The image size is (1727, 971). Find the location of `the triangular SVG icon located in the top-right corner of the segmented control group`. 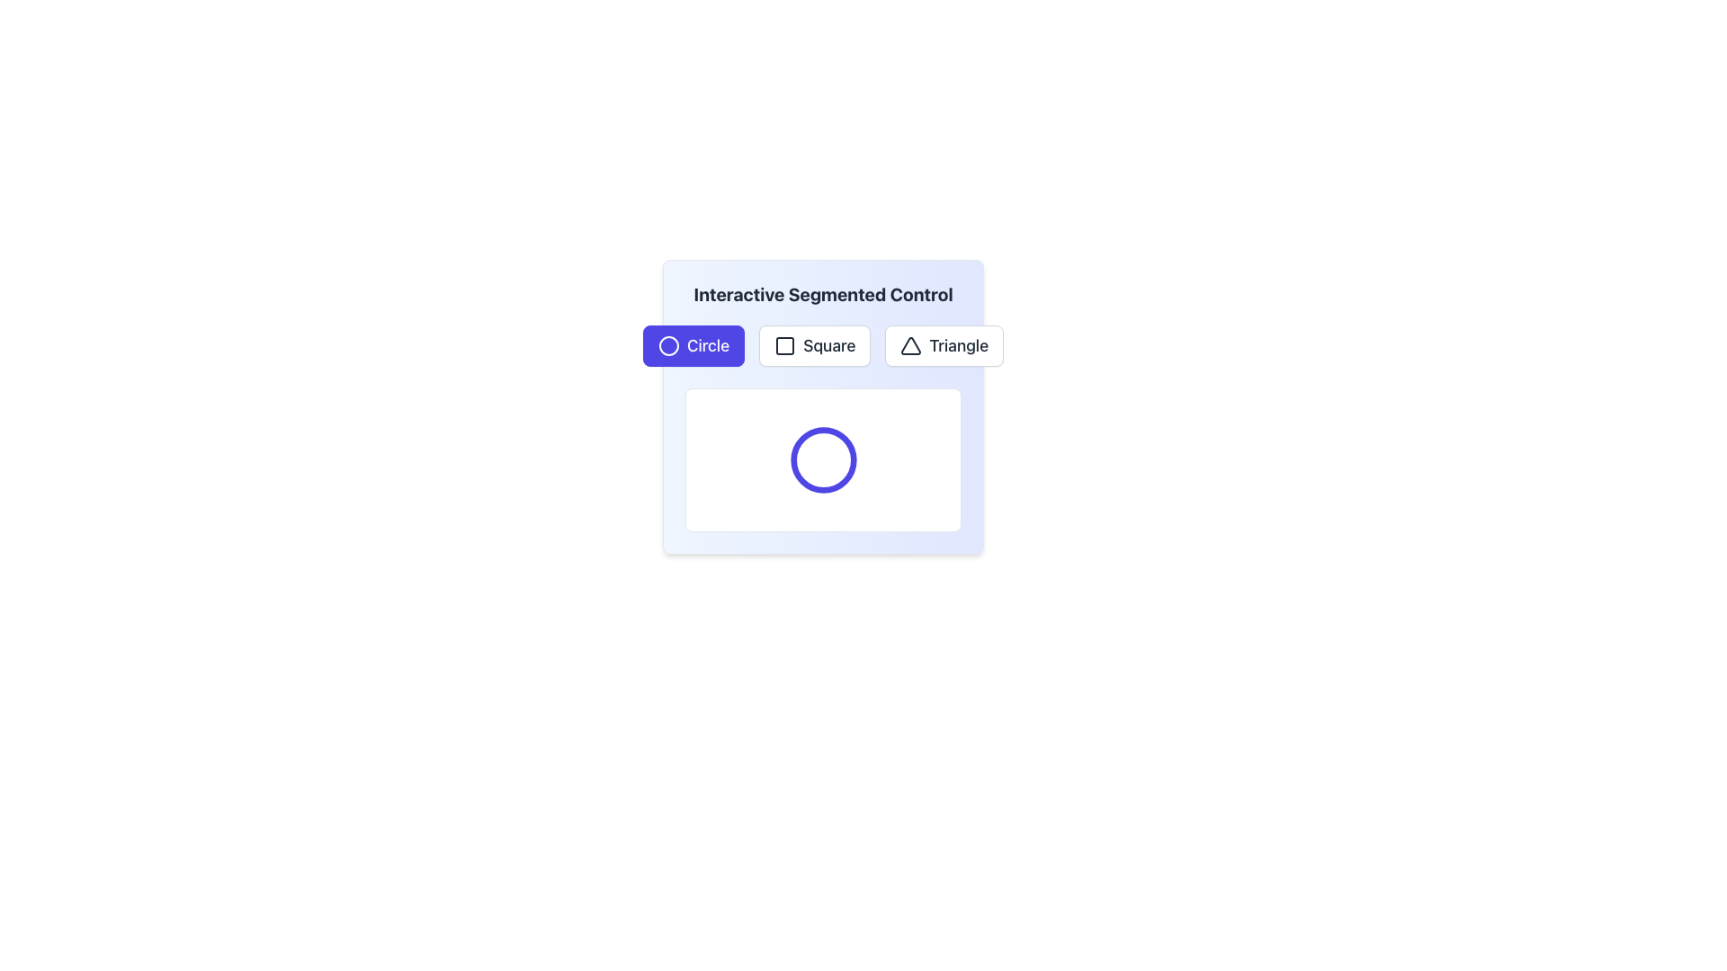

the triangular SVG icon located in the top-right corner of the segmented control group is located at coordinates (911, 346).